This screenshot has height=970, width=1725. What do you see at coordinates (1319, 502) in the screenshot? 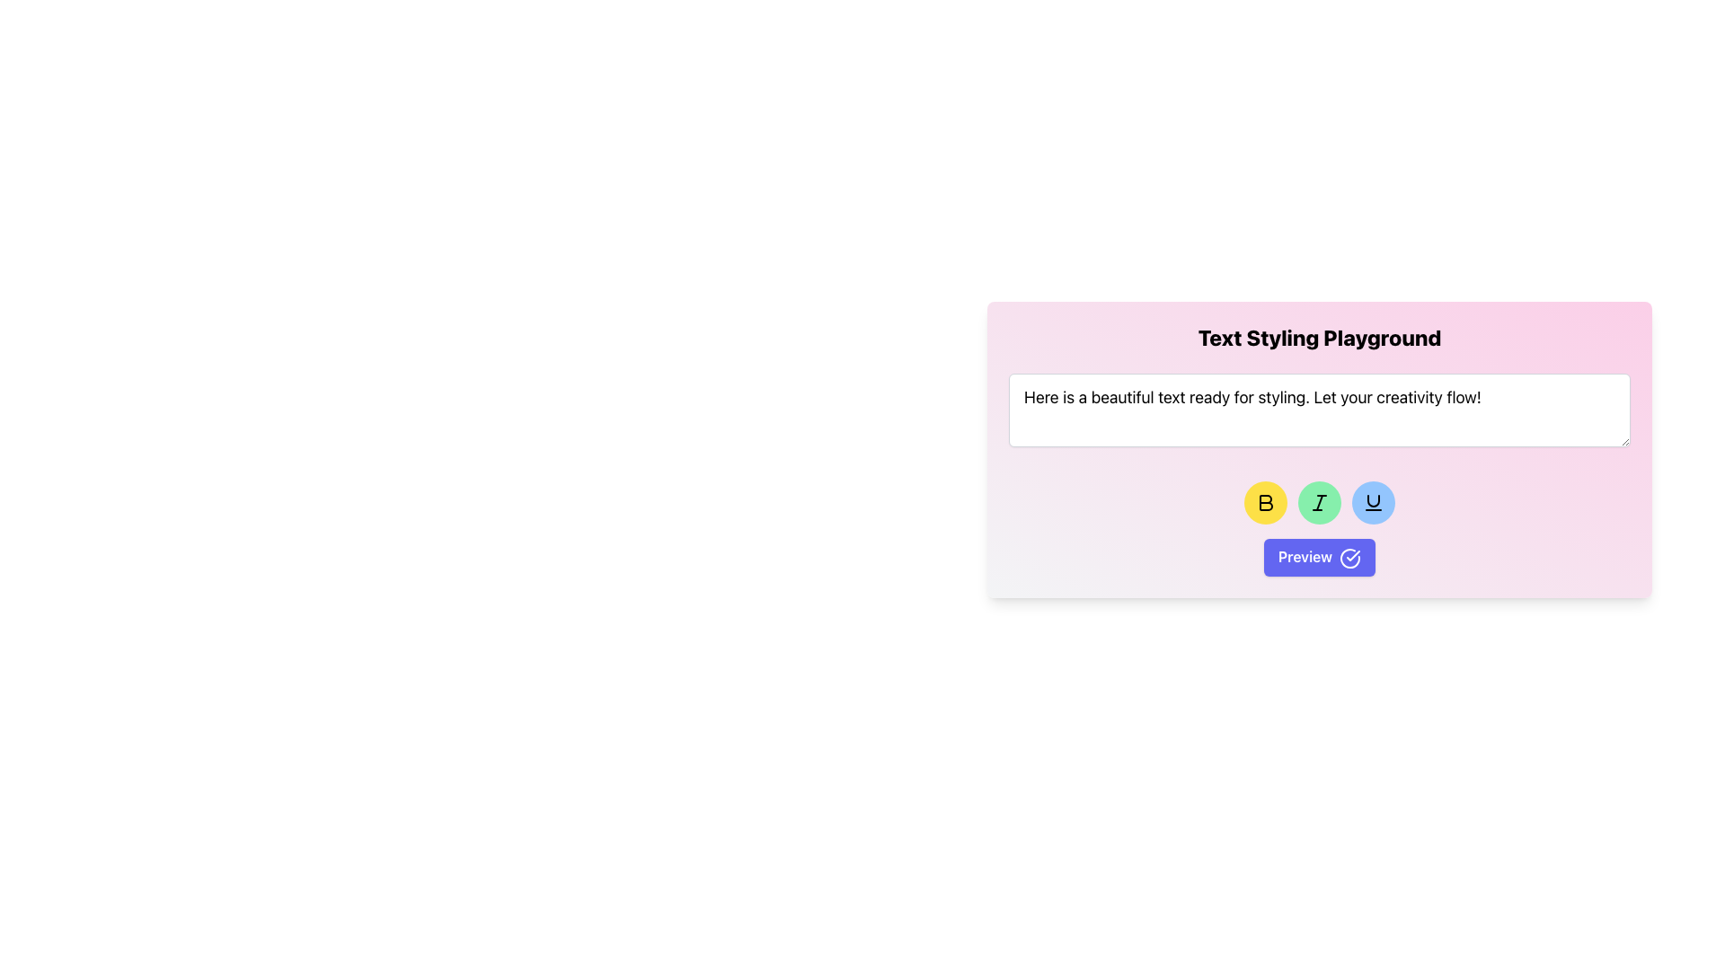
I see `the second circular button labeled 'I' in the 'Text Styling Playground' to apply italic formatting` at bounding box center [1319, 502].